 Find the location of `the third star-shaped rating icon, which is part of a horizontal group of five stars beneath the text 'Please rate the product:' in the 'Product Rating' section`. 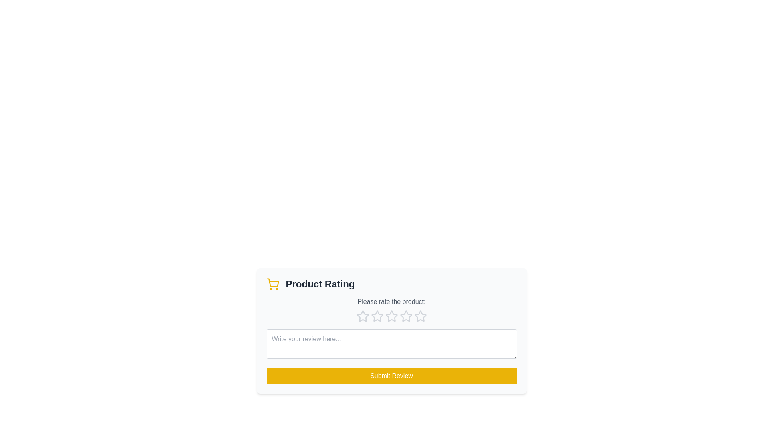

the third star-shaped rating icon, which is part of a horizontal group of five stars beneath the text 'Please rate the product:' in the 'Product Rating' section is located at coordinates (406, 315).